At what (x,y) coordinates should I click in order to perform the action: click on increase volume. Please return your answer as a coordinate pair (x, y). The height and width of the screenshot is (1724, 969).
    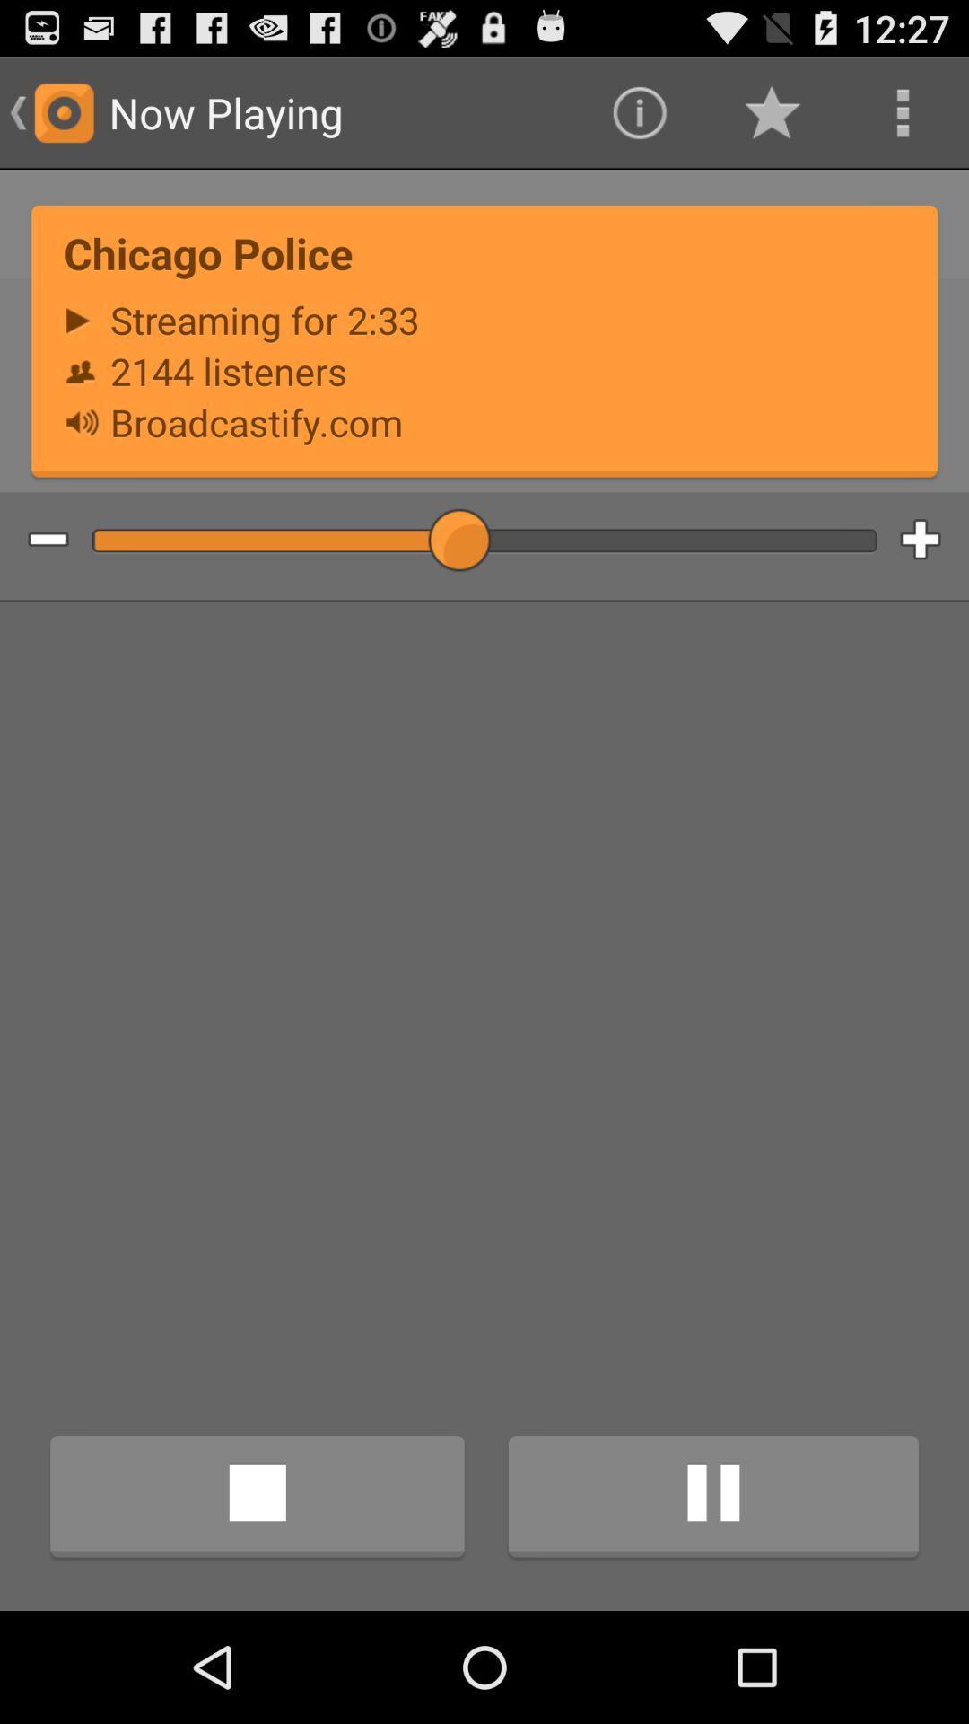
    Looking at the image, I should click on (933, 540).